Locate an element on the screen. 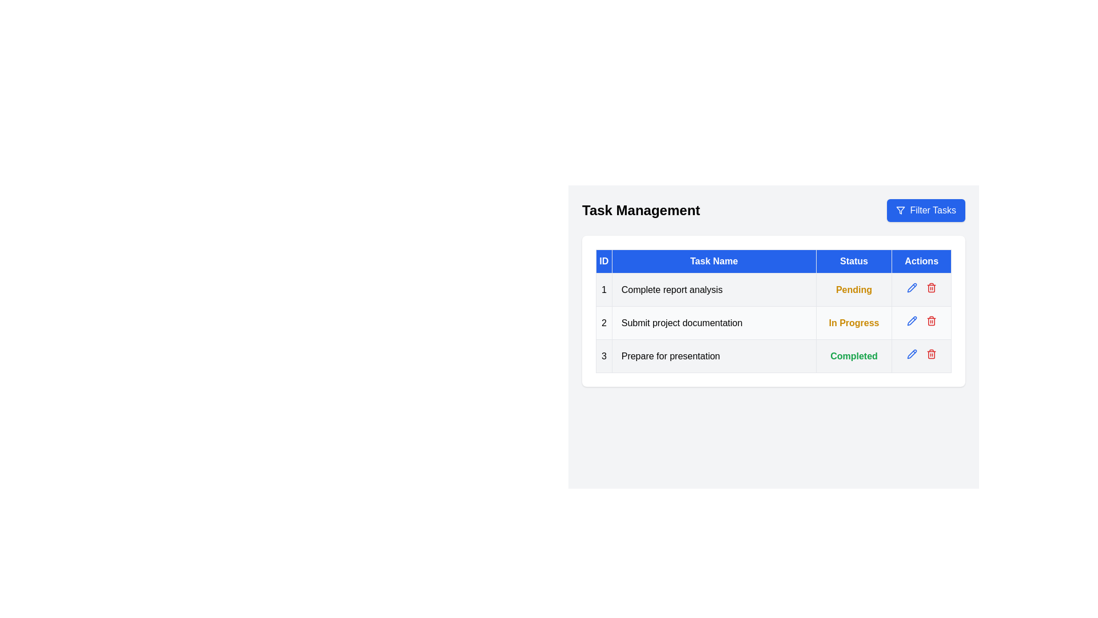 The width and height of the screenshot is (1098, 618). 'Filter Tasks' button to filter the tasks is located at coordinates (926, 210).